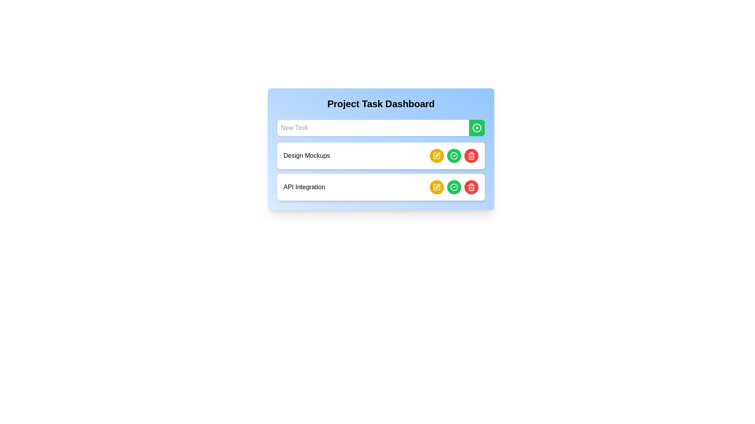 The image size is (755, 424). I want to click on the trashcan icon button with a red circular background, so click(471, 187).